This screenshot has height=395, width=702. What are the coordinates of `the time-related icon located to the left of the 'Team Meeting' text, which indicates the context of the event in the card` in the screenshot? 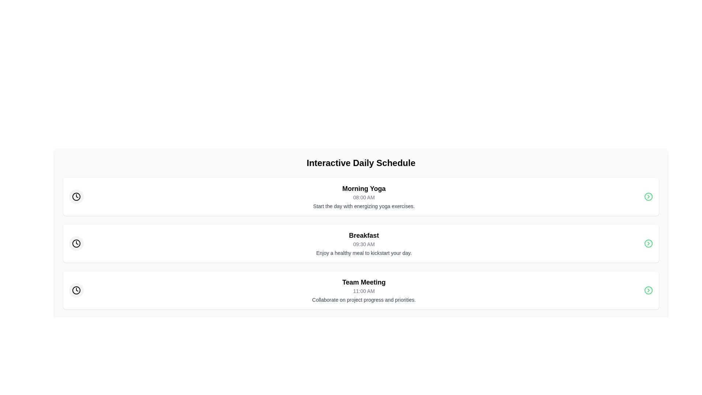 It's located at (76, 290).